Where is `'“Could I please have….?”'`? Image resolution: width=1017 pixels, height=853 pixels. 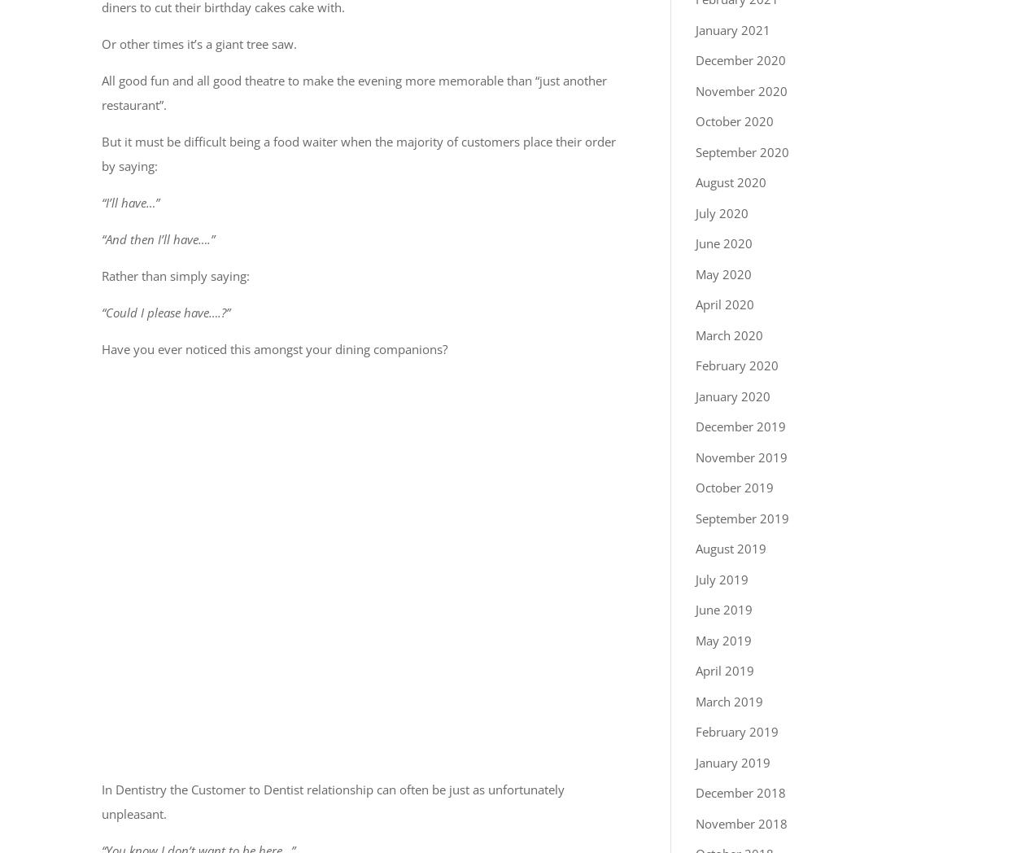 '“Could I please have….?”' is located at coordinates (165, 311).